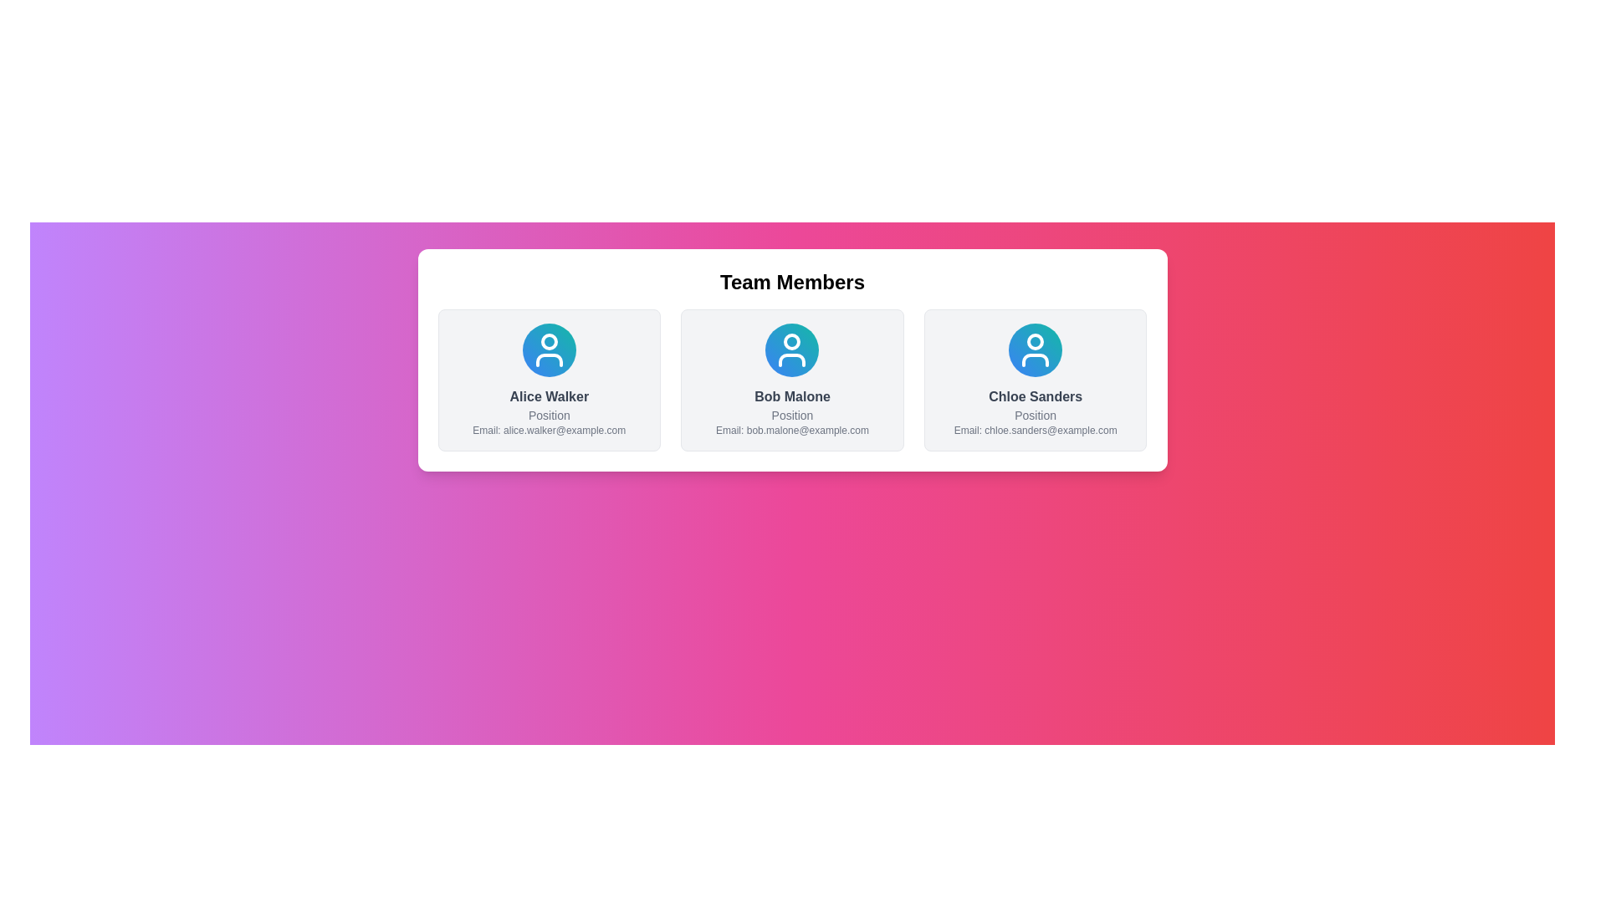 Image resolution: width=1606 pixels, height=903 pixels. I want to click on the circular user profile icon with a gradient background, featuring a white user profile silhouette, located above the text 'Alice Walker' in the first card of user profile cards, so click(549, 349).